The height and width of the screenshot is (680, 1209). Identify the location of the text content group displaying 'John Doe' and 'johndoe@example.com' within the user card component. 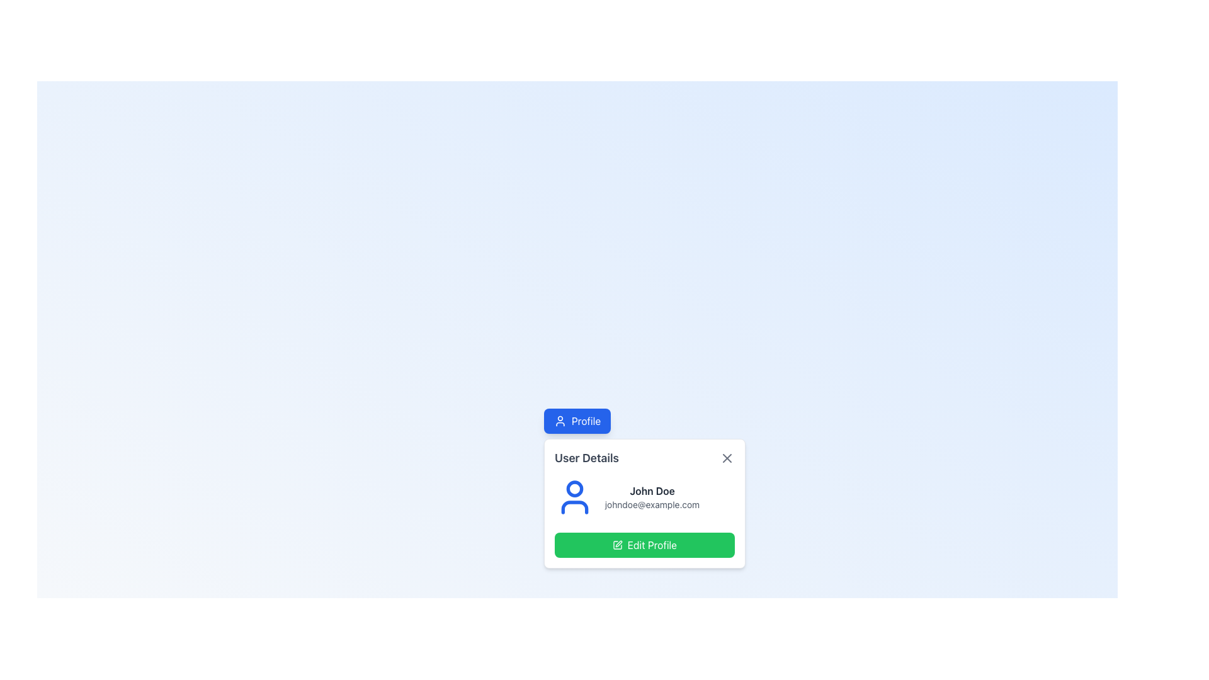
(652, 497).